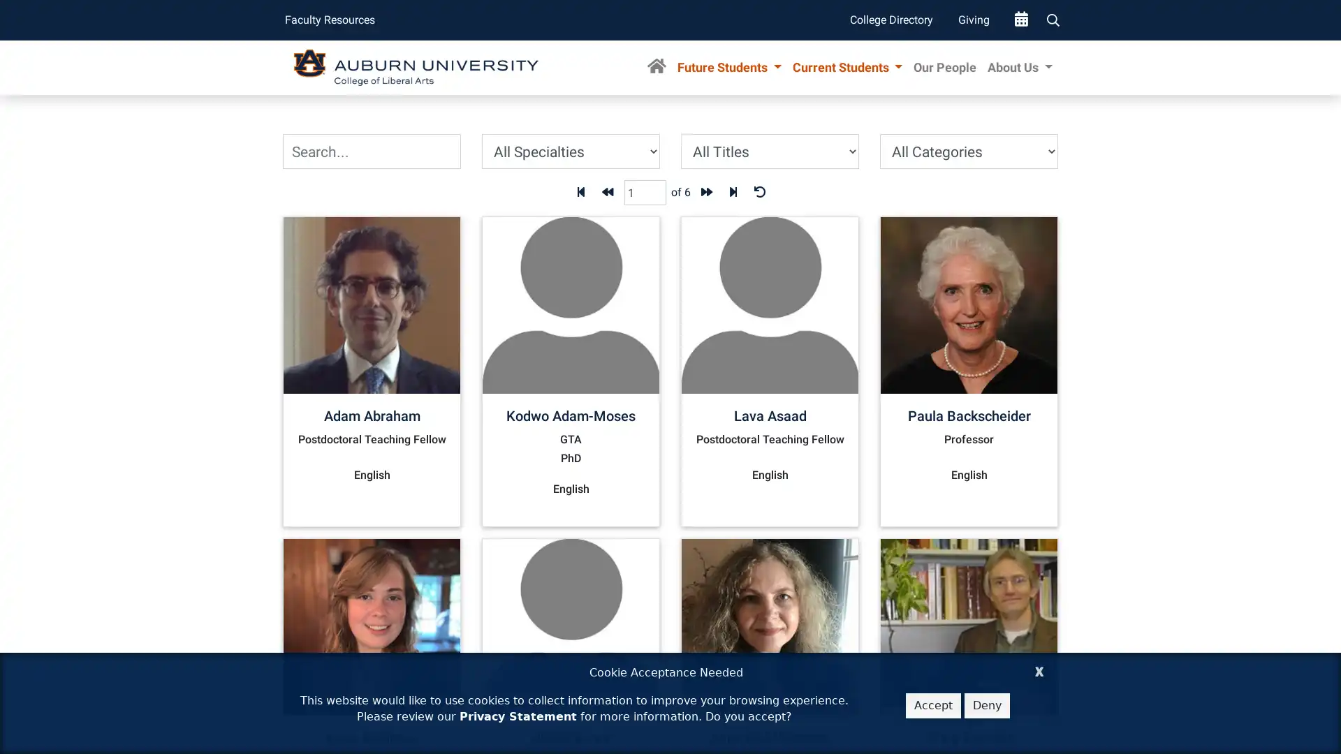 Image resolution: width=1341 pixels, height=754 pixels. What do you see at coordinates (933, 705) in the screenshot?
I see `Accept` at bounding box center [933, 705].